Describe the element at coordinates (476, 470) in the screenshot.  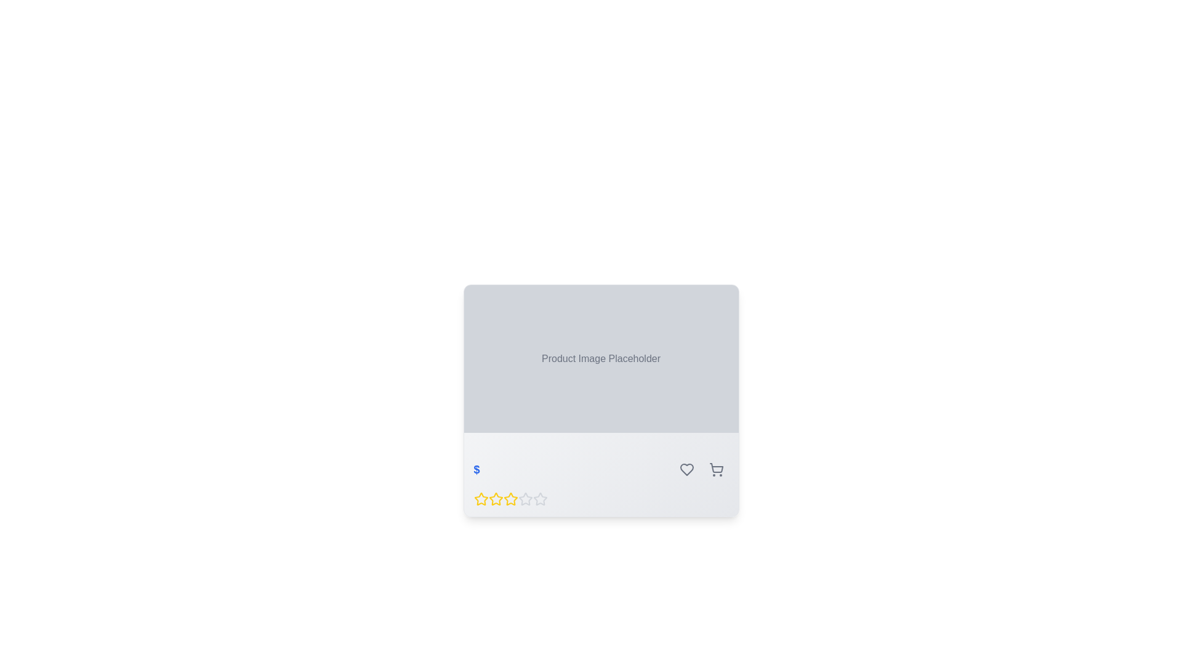
I see `the bold, blue dollar sign symbol ('$') that is prominently styled and located to the far left above the row of rating stars` at that location.